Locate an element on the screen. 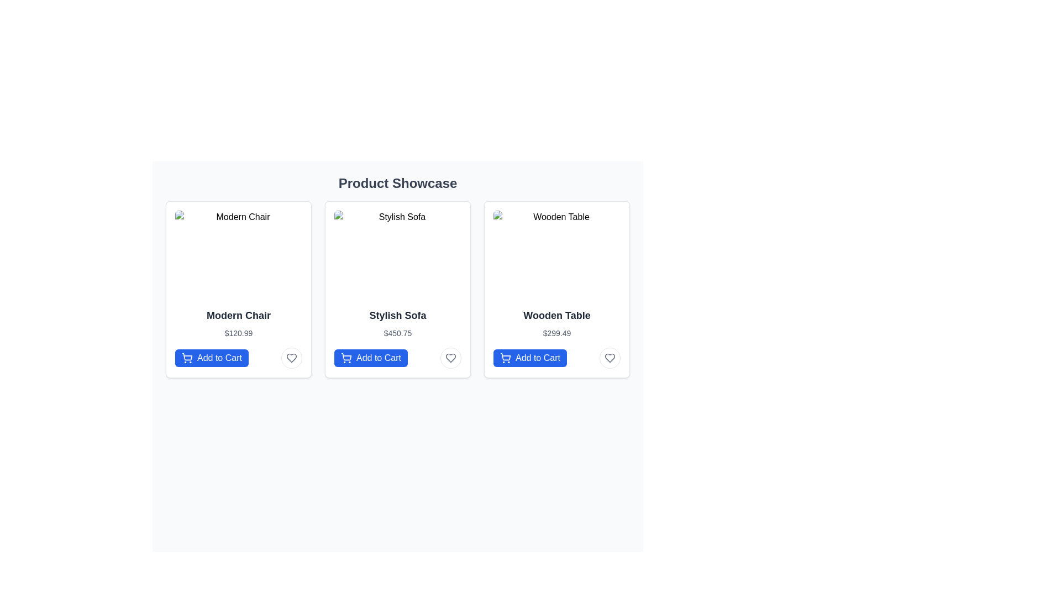  the heart-shaped icon filled with grey color to favorite the 'Modern Chair' product is located at coordinates (292, 358).